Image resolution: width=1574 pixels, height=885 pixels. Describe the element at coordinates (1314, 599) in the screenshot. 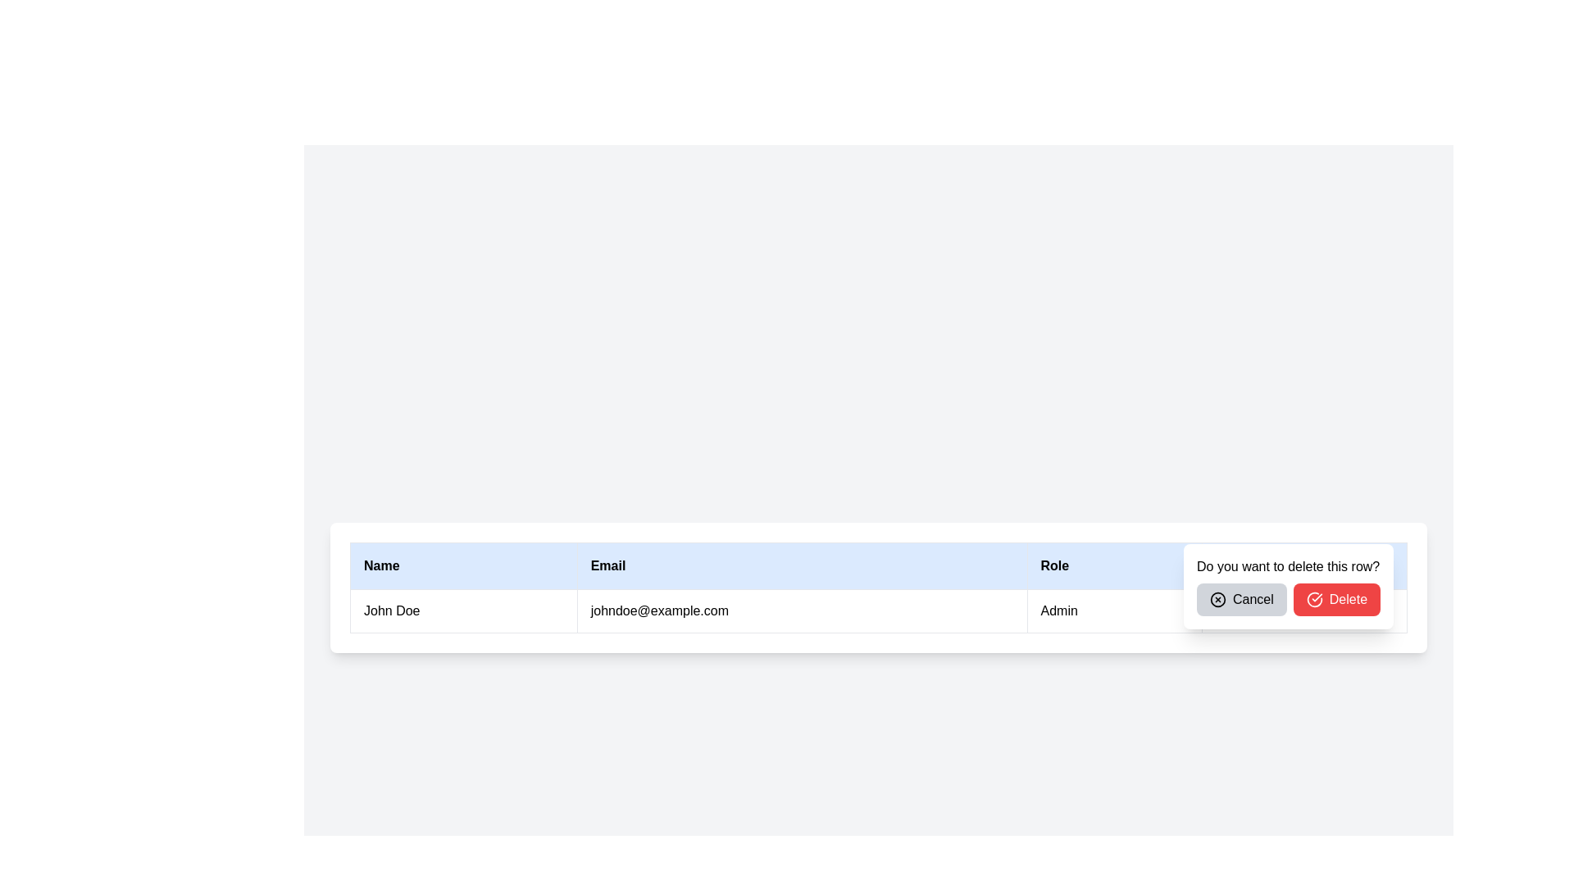

I see `the 'Delete' icon located to the left of the 'Delete' text within the button in the bottom-right section of the interface` at that location.